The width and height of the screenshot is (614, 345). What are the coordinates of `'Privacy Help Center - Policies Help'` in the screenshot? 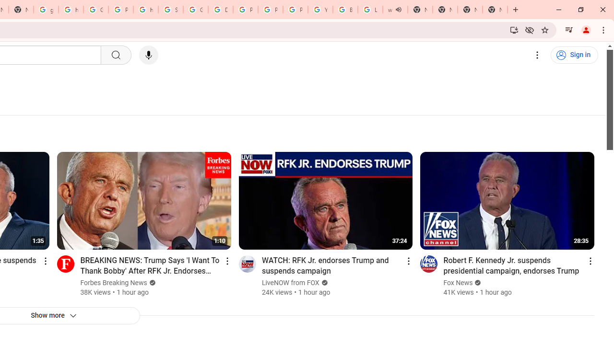 It's located at (270, 10).